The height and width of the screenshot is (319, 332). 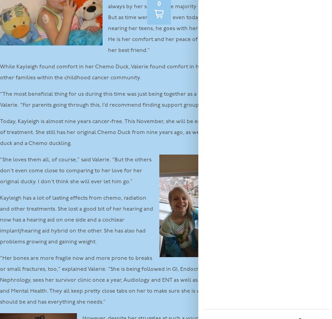 What do you see at coordinates (261, 266) in the screenshot?
I see `'May 2013'` at bounding box center [261, 266].